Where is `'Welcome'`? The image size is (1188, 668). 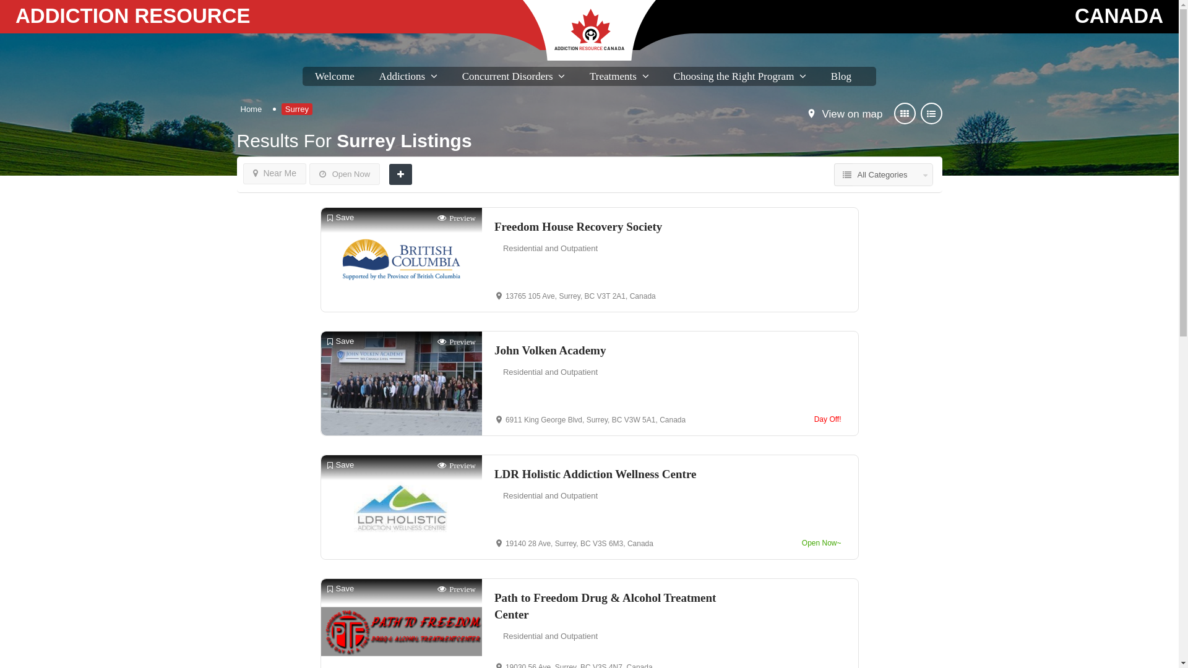 'Welcome' is located at coordinates (335, 76).